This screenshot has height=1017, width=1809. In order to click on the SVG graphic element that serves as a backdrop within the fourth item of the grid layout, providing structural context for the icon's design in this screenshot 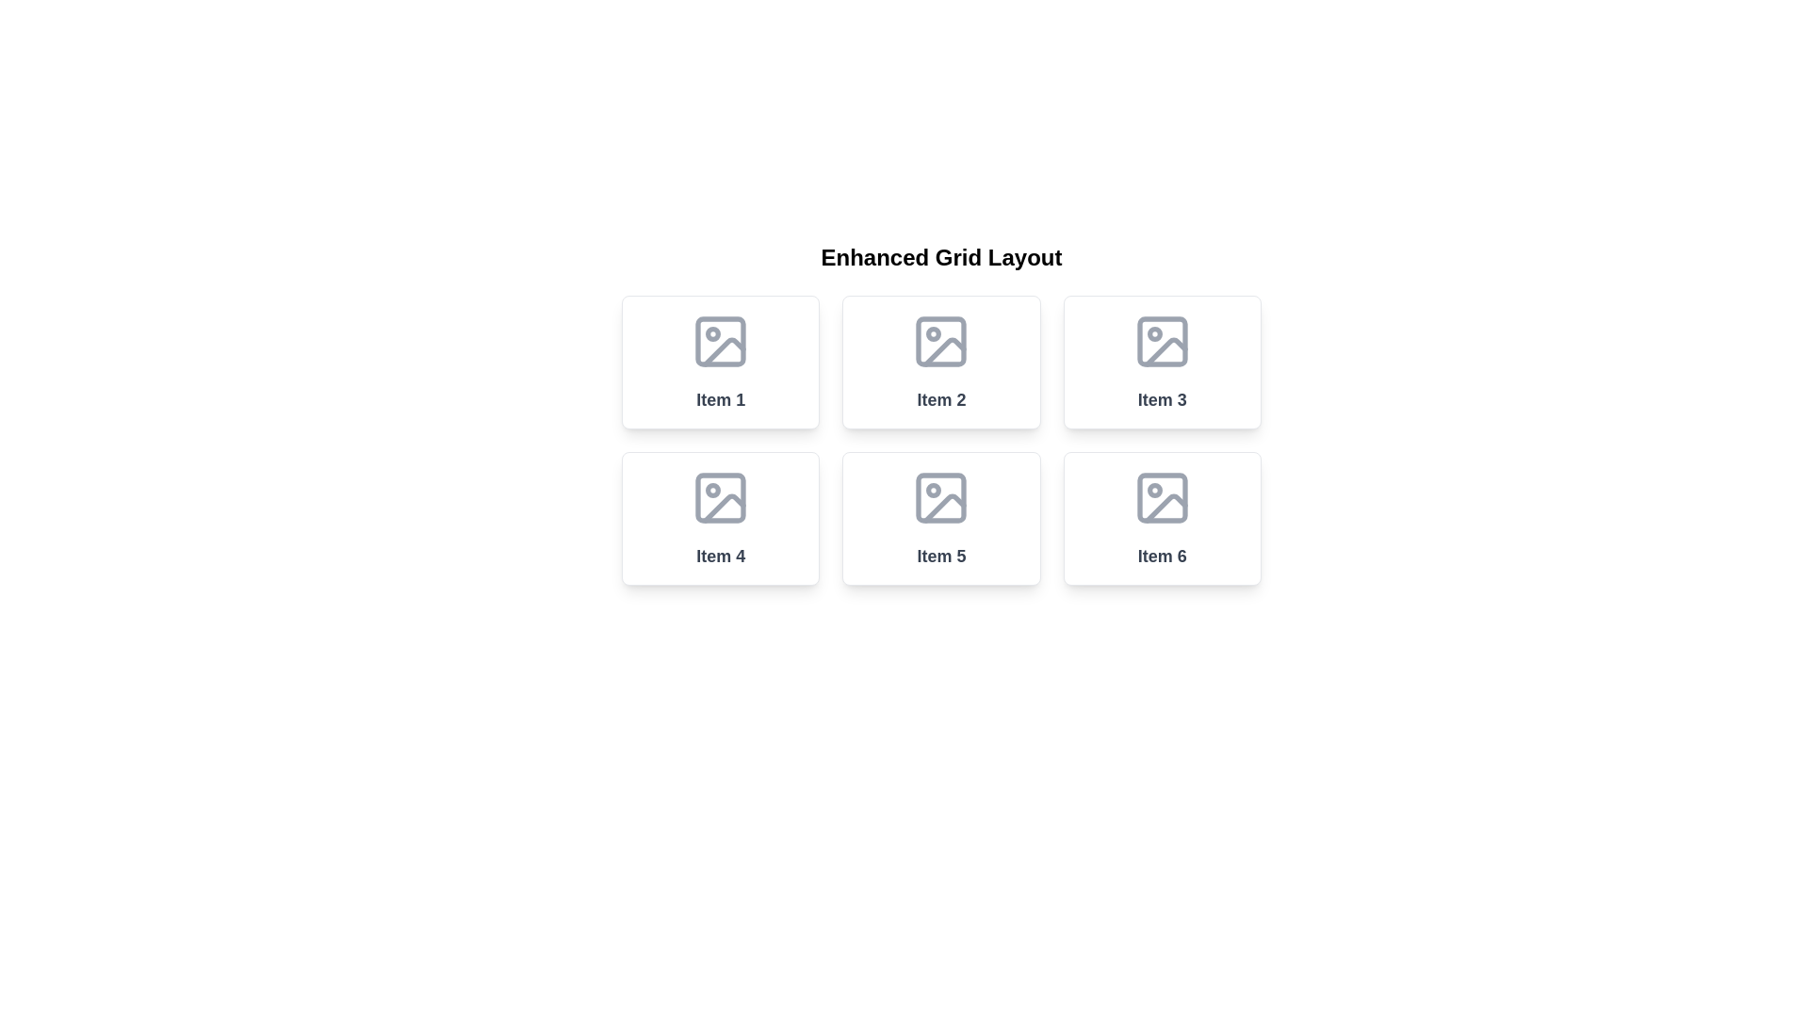, I will do `click(720, 496)`.